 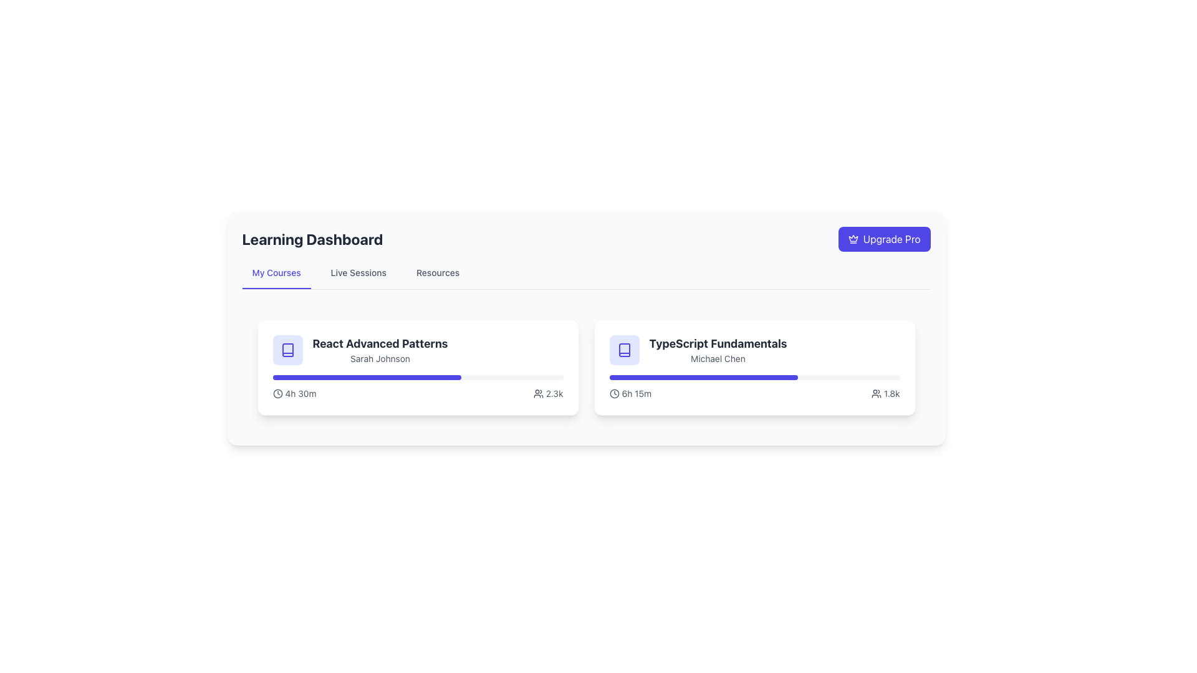 What do you see at coordinates (548, 394) in the screenshot?
I see `the icon and text label combination that shows '2.3k' next to a group of people icon within the statistics area of the 'React Advanced Patterns' card to possibly see a tooltip` at bounding box center [548, 394].